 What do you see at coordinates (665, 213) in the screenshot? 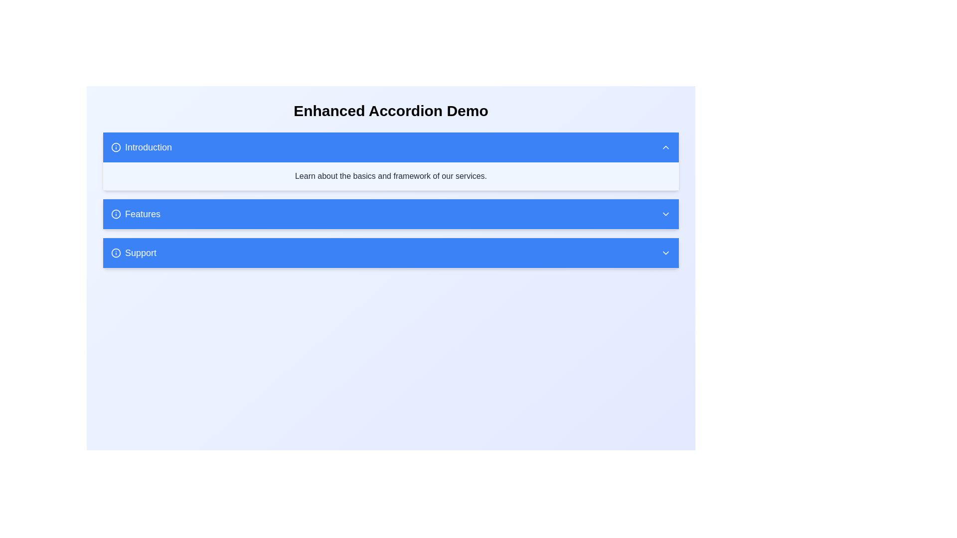
I see `the chevron icon located at the far right of the 'Features' section` at bounding box center [665, 213].